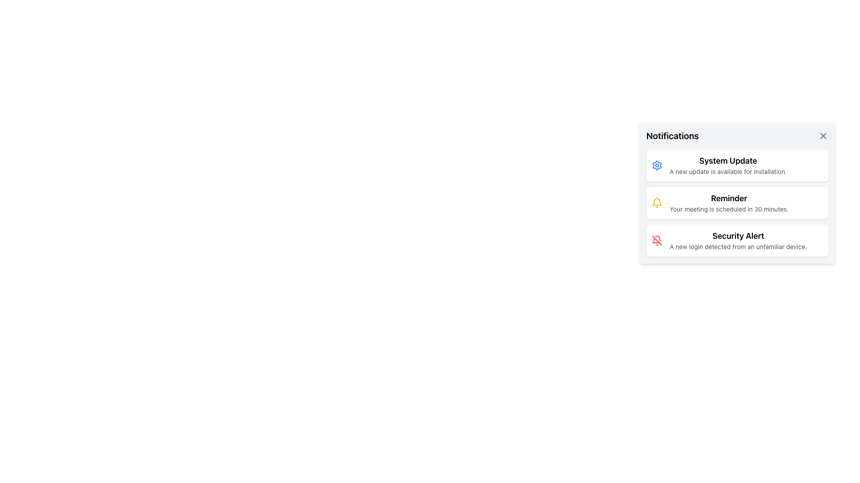 This screenshot has height=483, width=860. What do you see at coordinates (658, 238) in the screenshot?
I see `the upper curved detail of the muted bell icon located in the notifications area, which is part of the SVG graphic` at bounding box center [658, 238].